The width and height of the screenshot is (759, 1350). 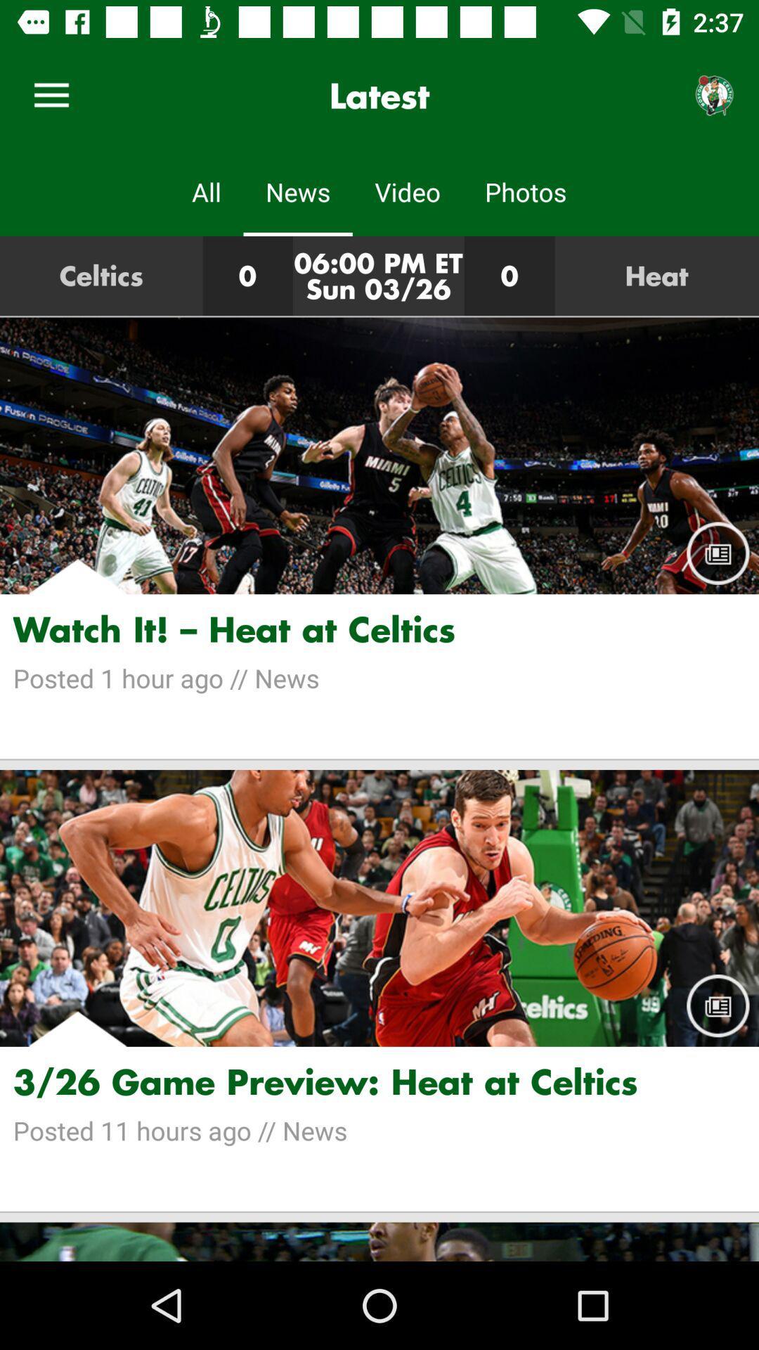 What do you see at coordinates (379, 678) in the screenshot?
I see `the item below the watch it heat` at bounding box center [379, 678].